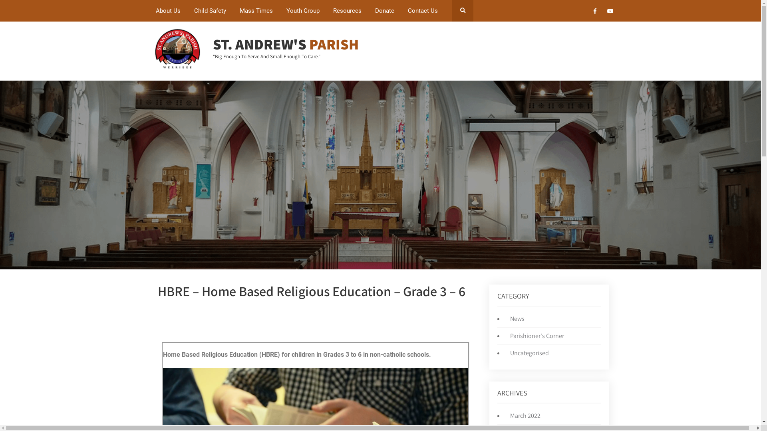  I want to click on 'Donate', so click(385, 11).